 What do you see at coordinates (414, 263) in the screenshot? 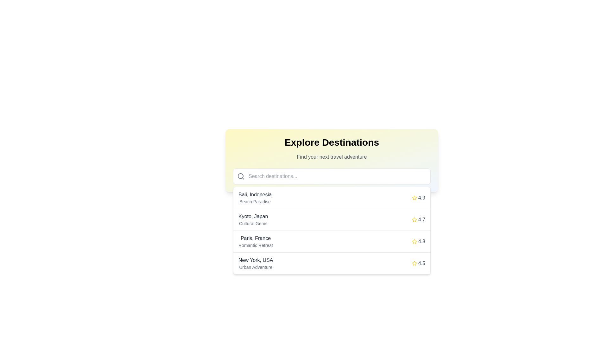
I see `the fourth star-shaped icon in the vertical list` at bounding box center [414, 263].